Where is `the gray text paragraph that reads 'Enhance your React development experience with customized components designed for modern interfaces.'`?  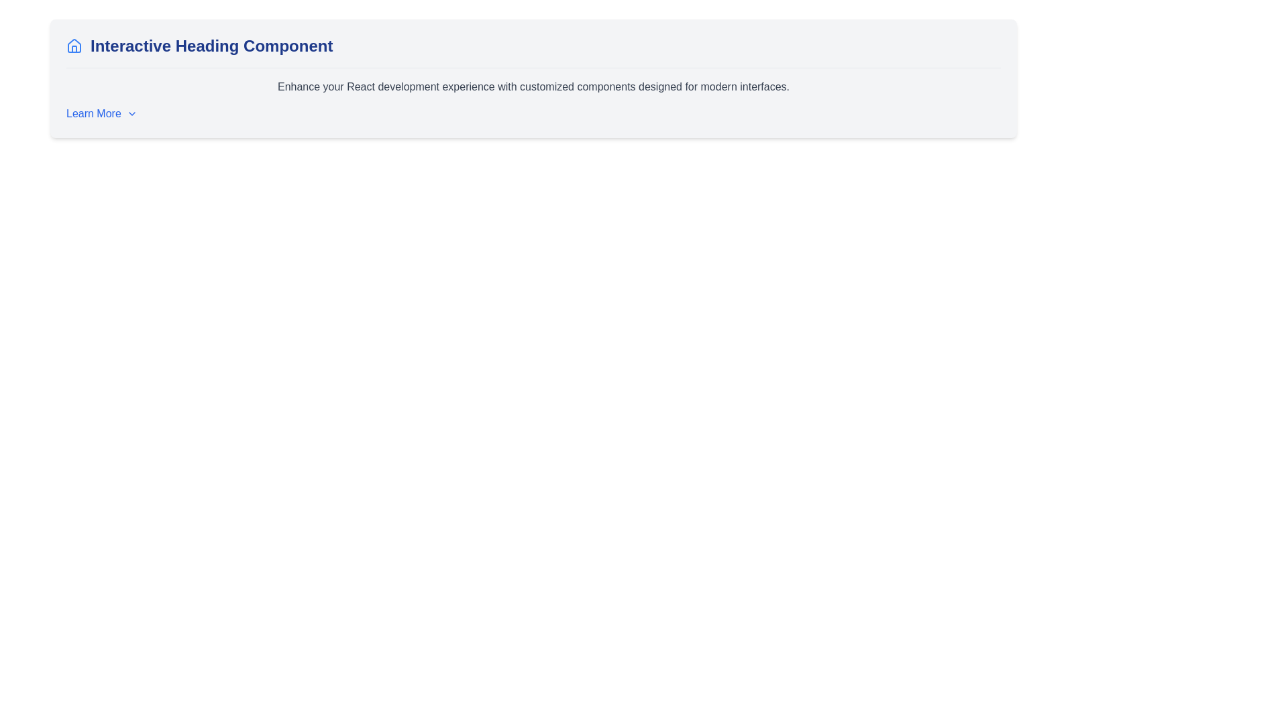 the gray text paragraph that reads 'Enhance your React development experience with customized components designed for modern interfaces.' is located at coordinates (533, 87).